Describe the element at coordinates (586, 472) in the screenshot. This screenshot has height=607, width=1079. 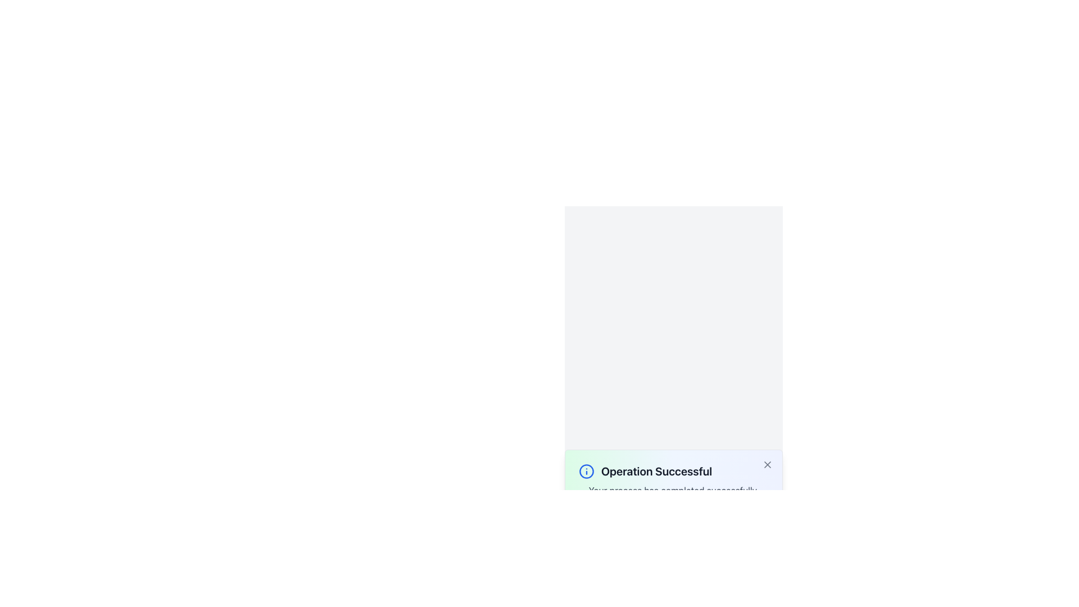
I see `the circular outline icon with a blue accent indicating information, located within the success notification banner to the left of the text 'Operation Successful'` at that location.